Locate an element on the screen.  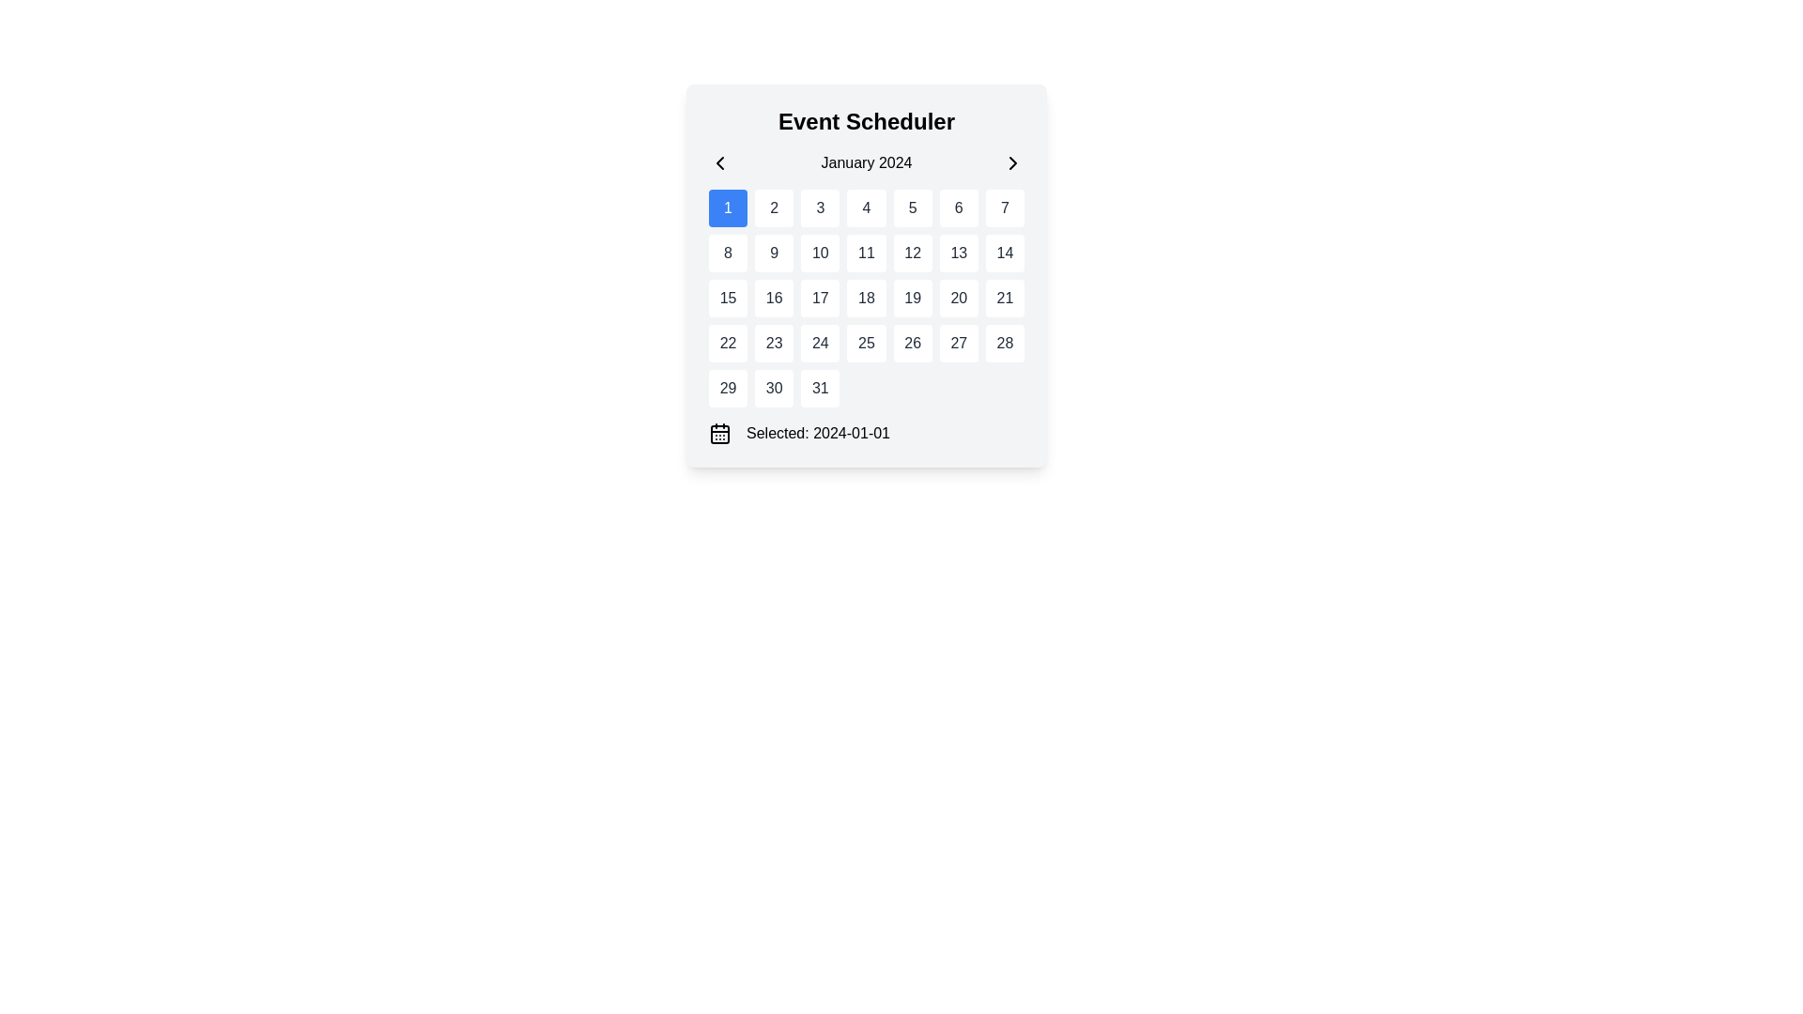
a date in the Calendar Widget by clicking on it, located in the center of the modal box is located at coordinates (865, 275).